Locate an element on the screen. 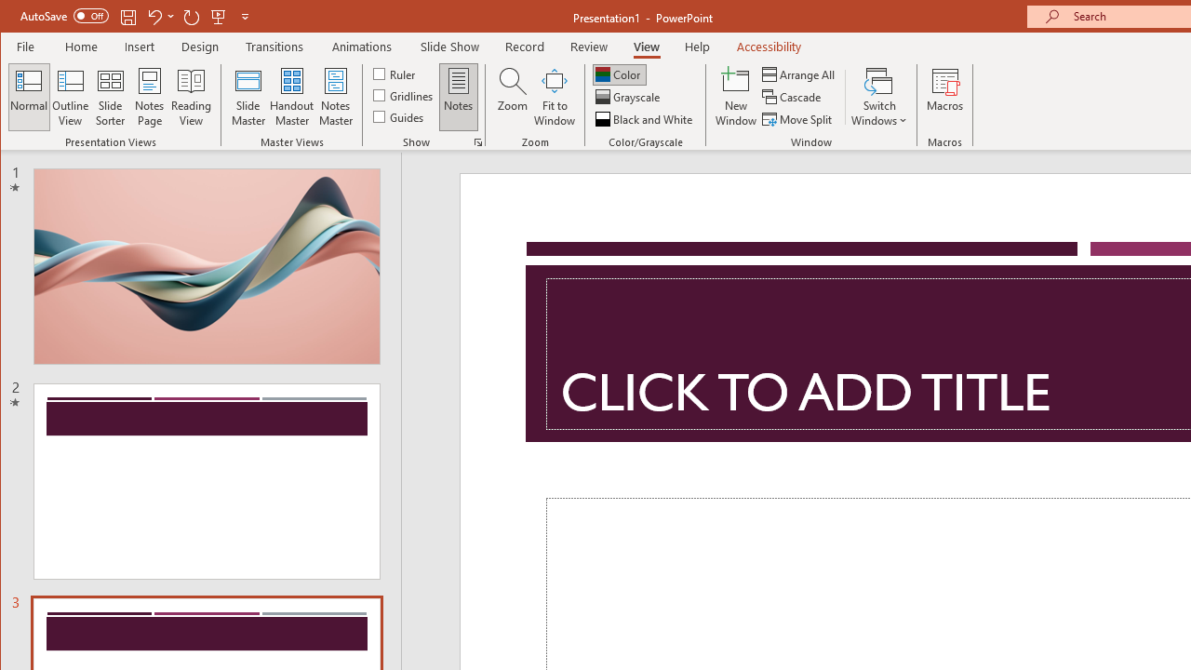 This screenshot has height=670, width=1191. 'Zoom...' is located at coordinates (513, 97).